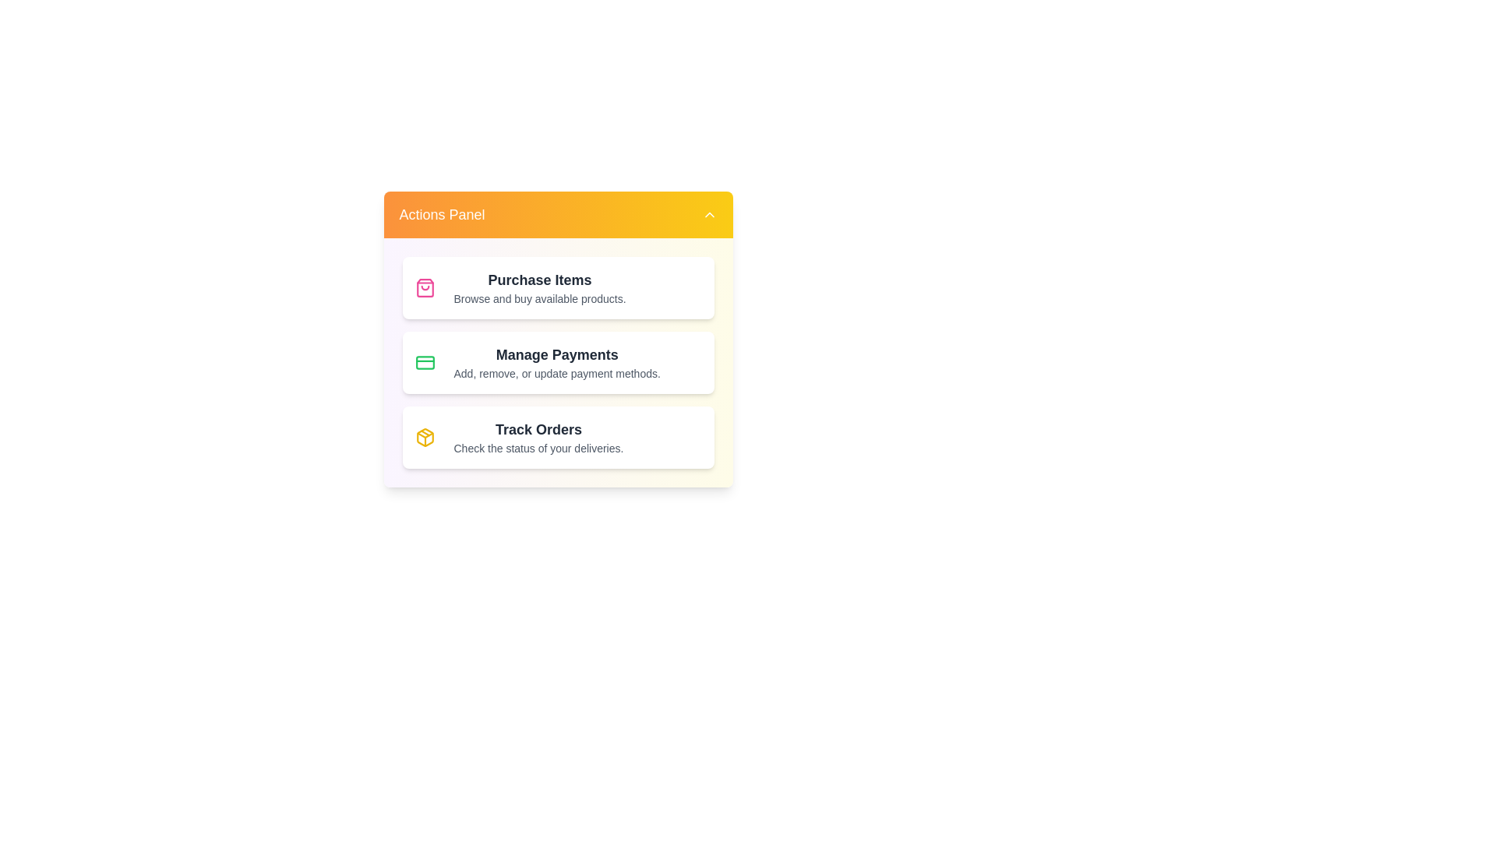 The width and height of the screenshot is (1496, 841). What do you see at coordinates (558, 438) in the screenshot?
I see `the Track Orders element to observe the hover effect` at bounding box center [558, 438].